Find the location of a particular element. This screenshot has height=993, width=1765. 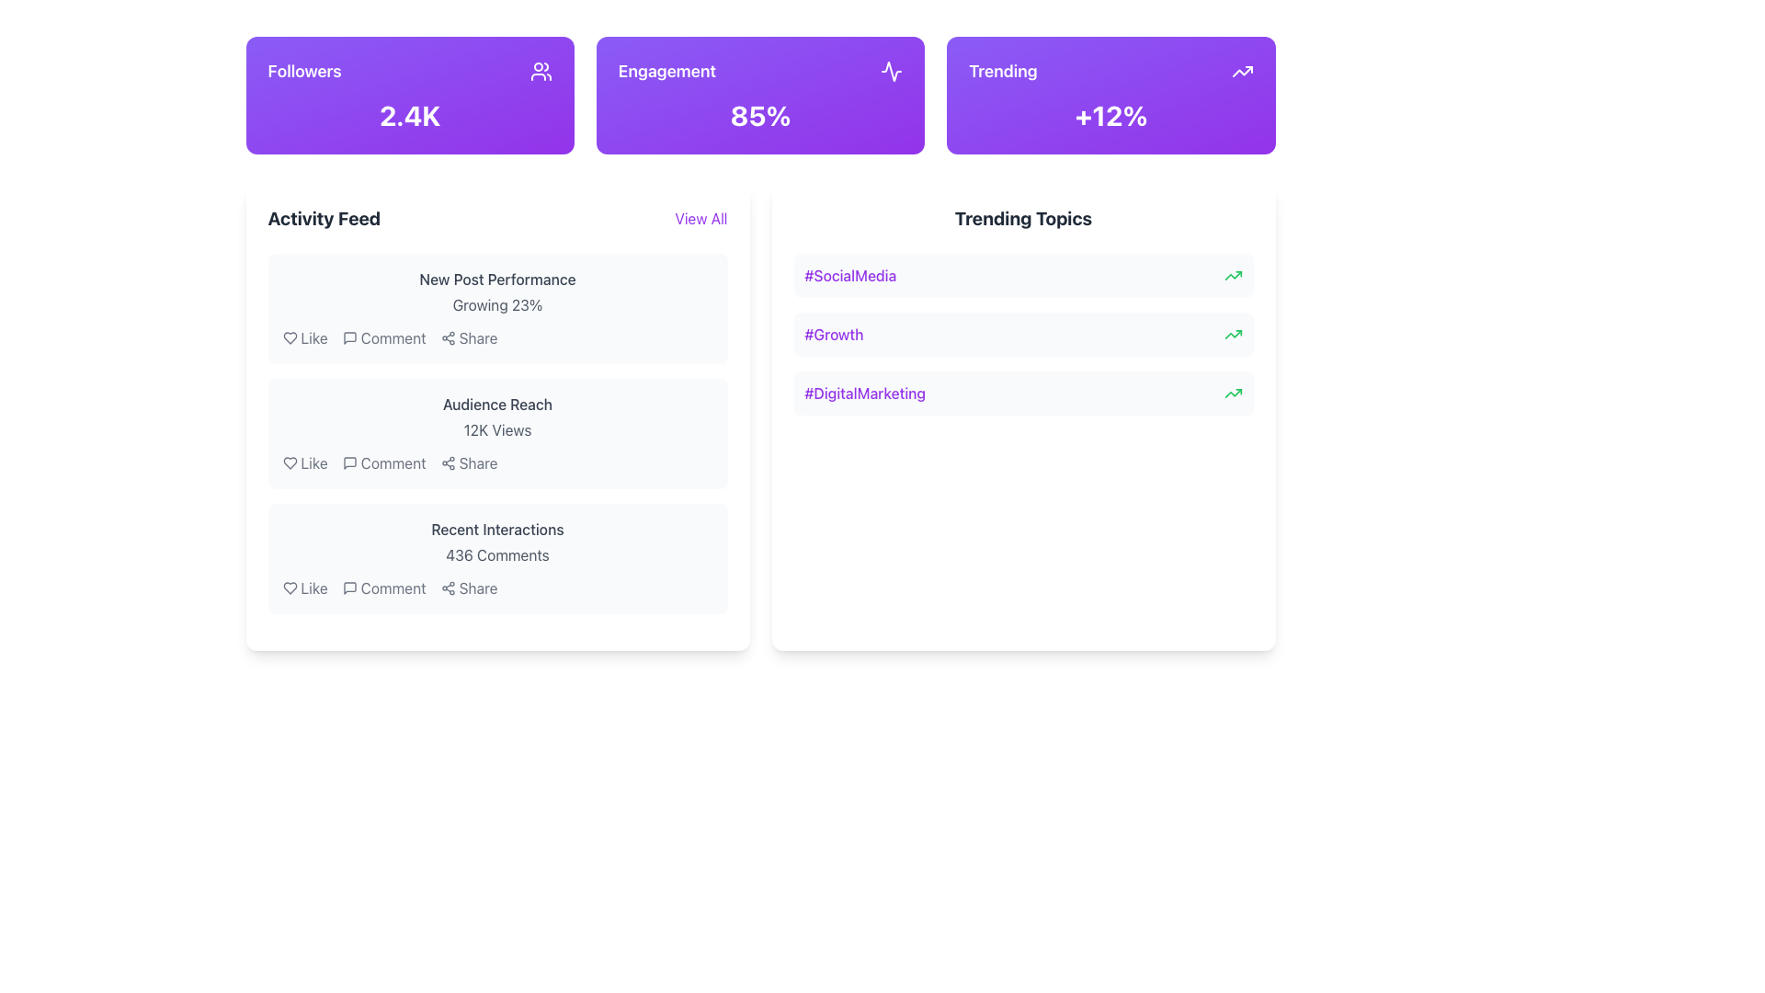

the message square or chat bubble icon in the Activity Feed section, located next to the 'Comment' label for the 'Audience Reach' post is located at coordinates (349, 462).